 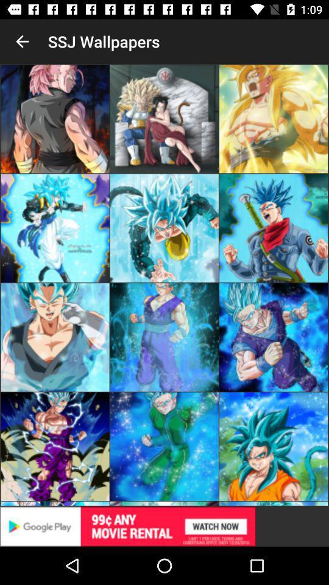 I want to click on the second image which is on the fourth vertical of the page, so click(x=164, y=445).